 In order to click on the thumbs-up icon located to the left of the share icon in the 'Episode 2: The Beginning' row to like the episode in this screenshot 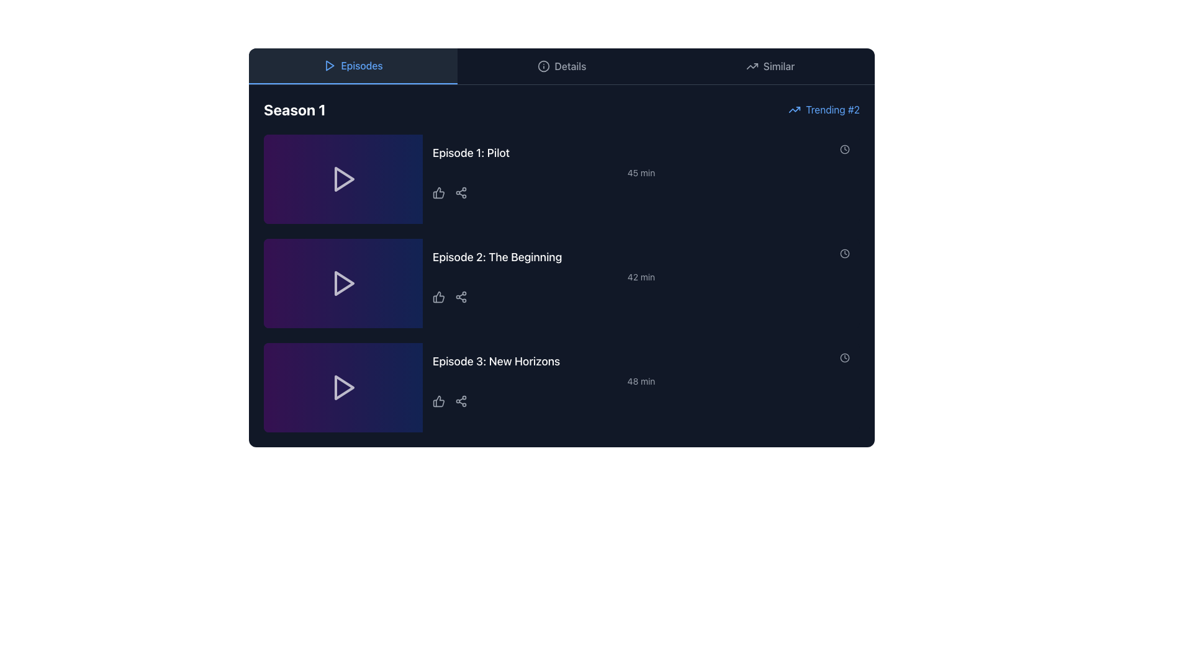, I will do `click(438, 297)`.